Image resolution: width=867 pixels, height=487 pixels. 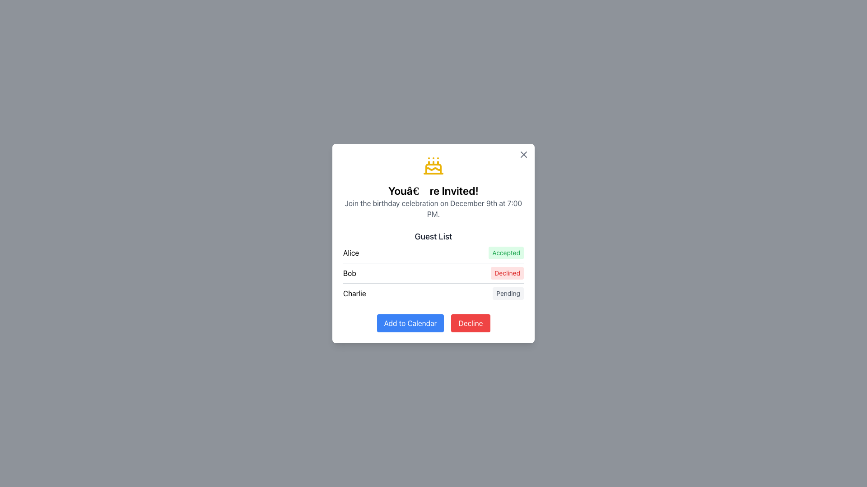 What do you see at coordinates (410, 323) in the screenshot?
I see `the 'Add to Calendar' button located at the bottom of the centered dialog box, directly to the left of the 'Decline' button, to observe the style change` at bounding box center [410, 323].